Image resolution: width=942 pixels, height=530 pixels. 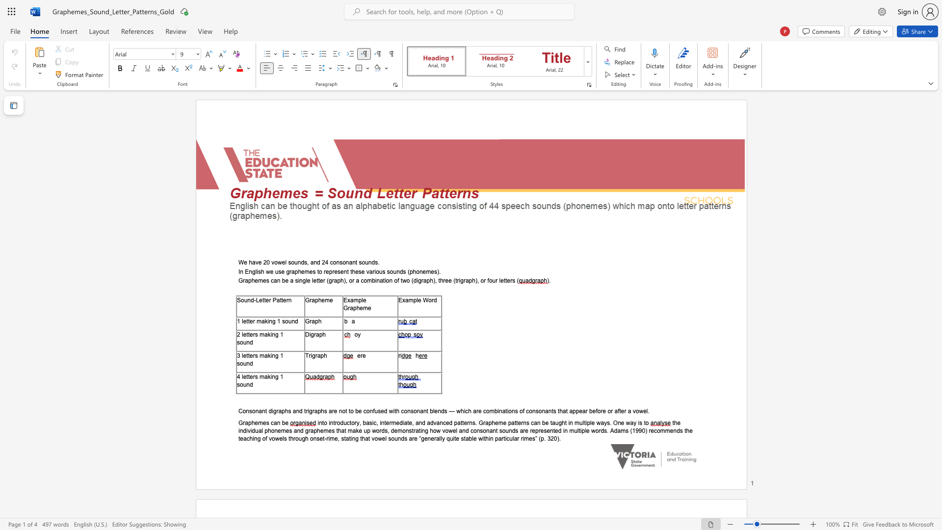 What do you see at coordinates (414, 438) in the screenshot?
I see `the subset text "e “generally quite stabl" within the text "that vowel sounds are “generally quite stable within particular rimes” (p. 320)"` at bounding box center [414, 438].